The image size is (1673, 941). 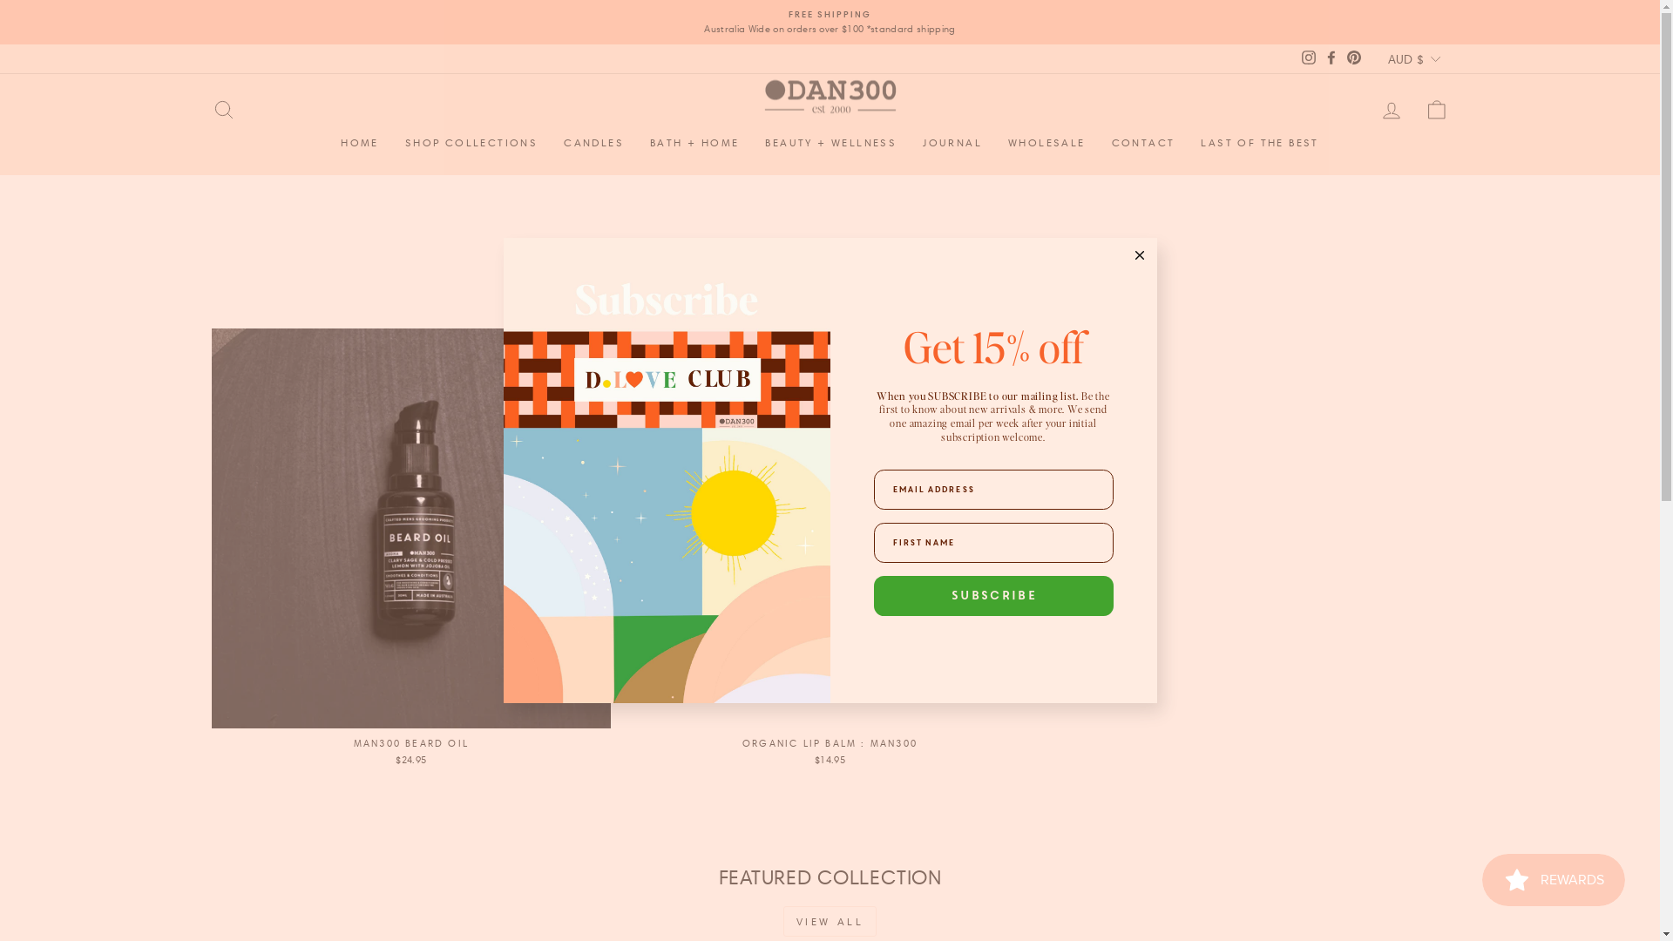 What do you see at coordinates (410, 550) in the screenshot?
I see `'MAN300 BEARD OIL` at bounding box center [410, 550].